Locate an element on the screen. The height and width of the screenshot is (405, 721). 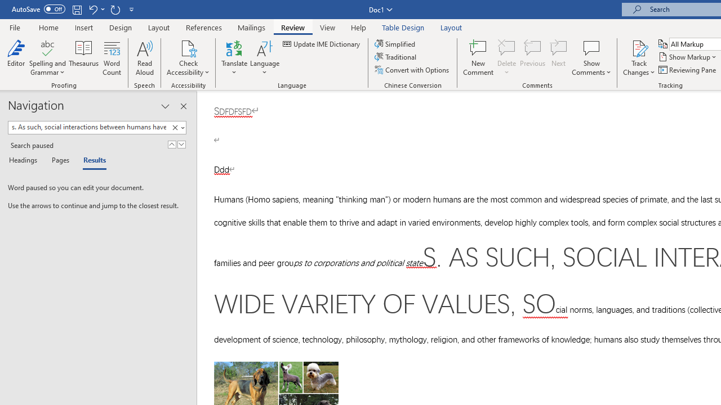
'Language' is located at coordinates (264, 58).